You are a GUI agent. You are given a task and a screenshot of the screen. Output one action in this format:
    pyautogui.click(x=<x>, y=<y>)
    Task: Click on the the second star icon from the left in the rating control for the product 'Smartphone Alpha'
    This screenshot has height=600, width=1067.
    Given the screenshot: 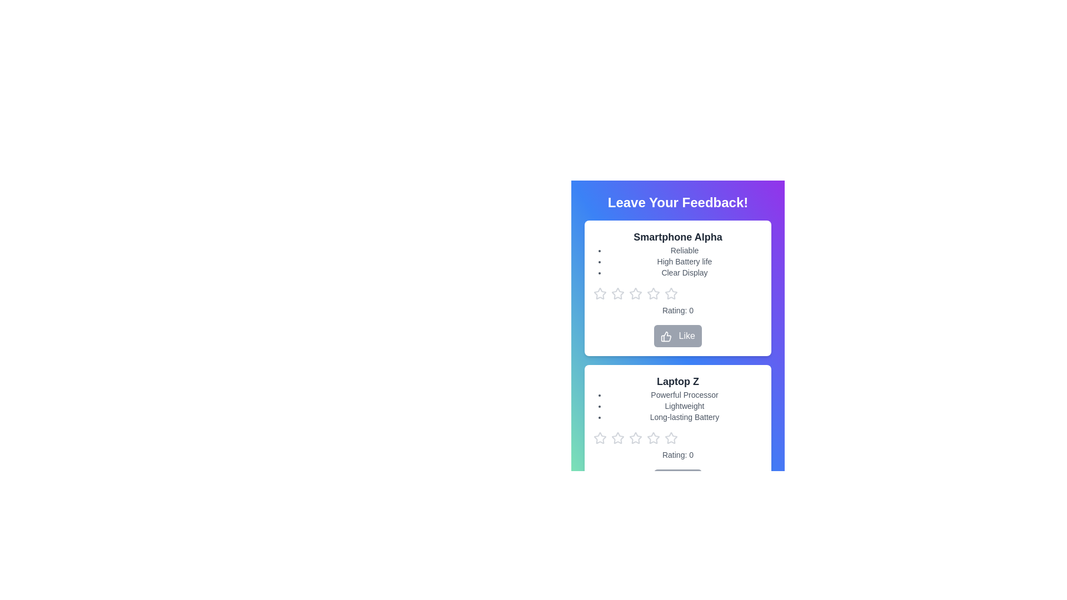 What is the action you would take?
    pyautogui.click(x=617, y=293)
    